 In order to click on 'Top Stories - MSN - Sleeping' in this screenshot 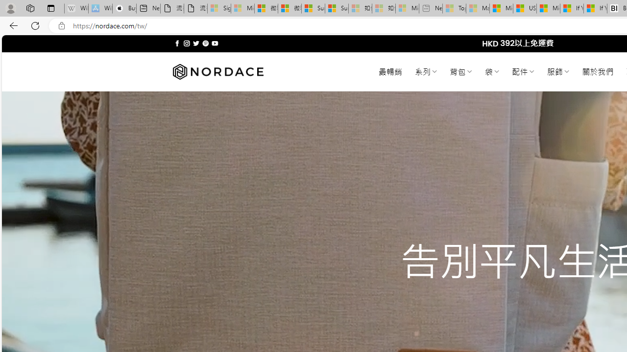, I will do `click(454, 8)`.